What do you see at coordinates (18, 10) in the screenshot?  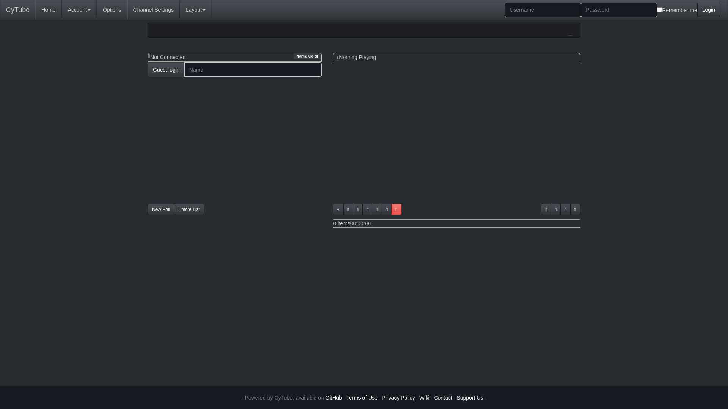 I see `'CyTube'` at bounding box center [18, 10].